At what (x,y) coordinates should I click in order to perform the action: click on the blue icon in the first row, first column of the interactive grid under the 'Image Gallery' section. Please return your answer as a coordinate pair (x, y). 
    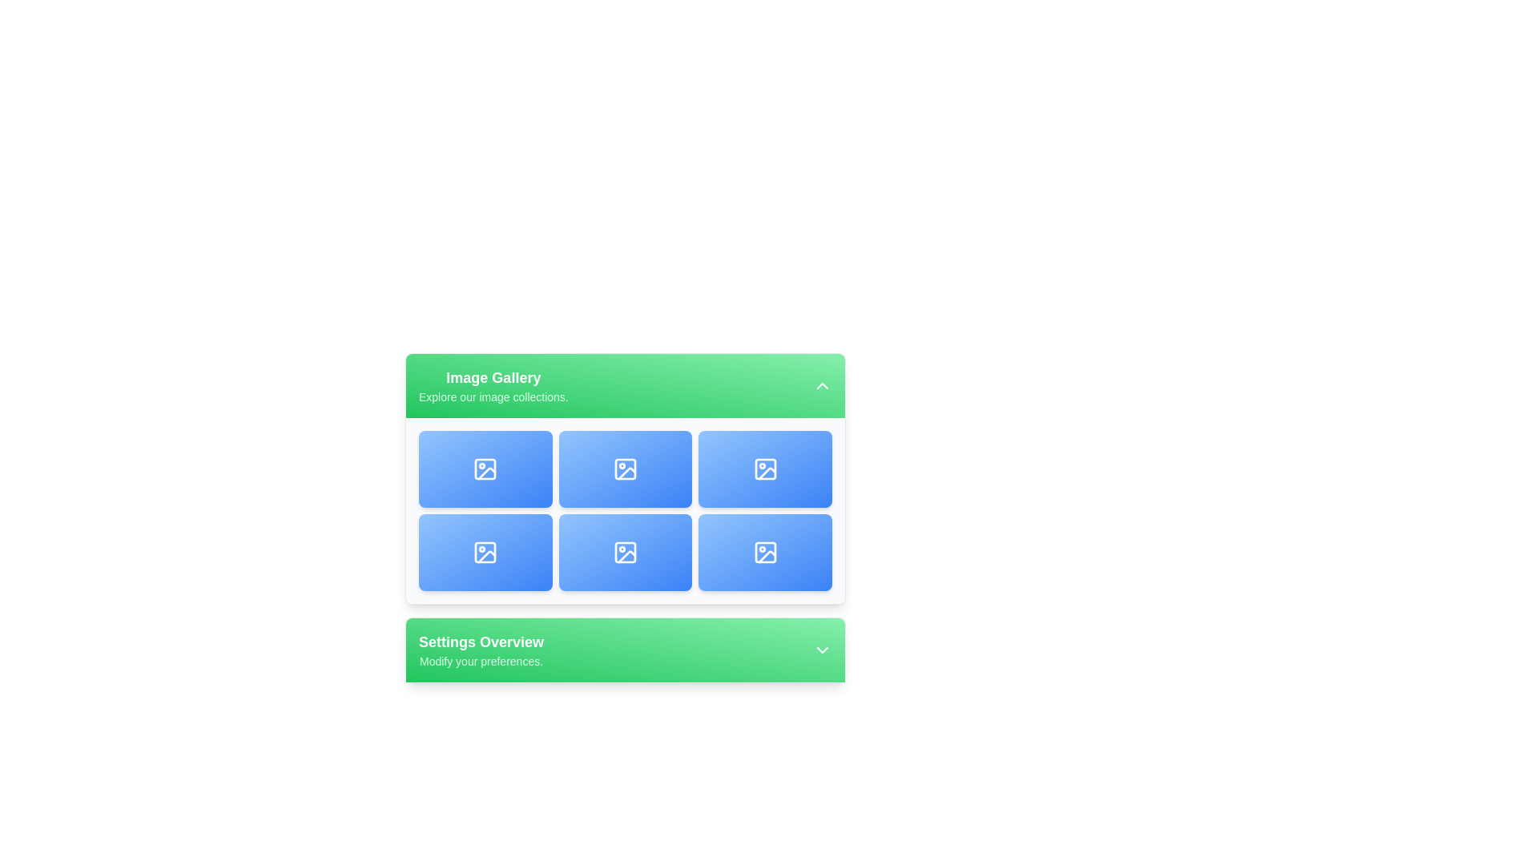
    Looking at the image, I should click on (484, 469).